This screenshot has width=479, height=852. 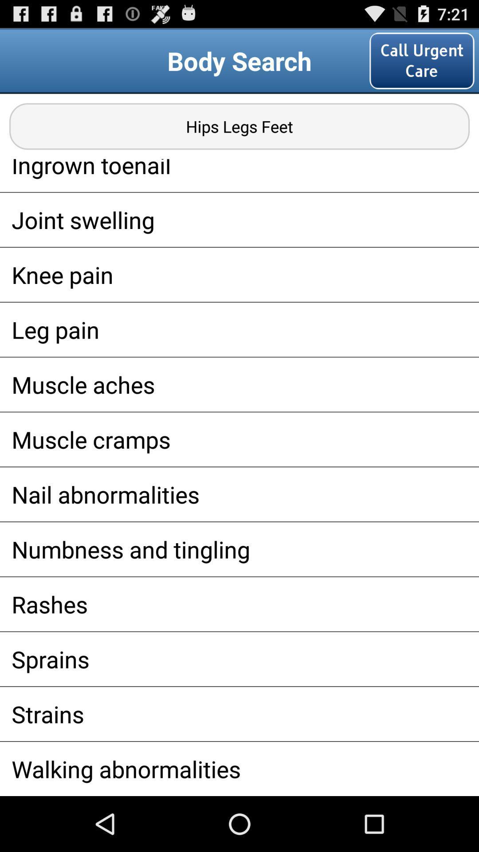 I want to click on leg pain, so click(x=239, y=329).